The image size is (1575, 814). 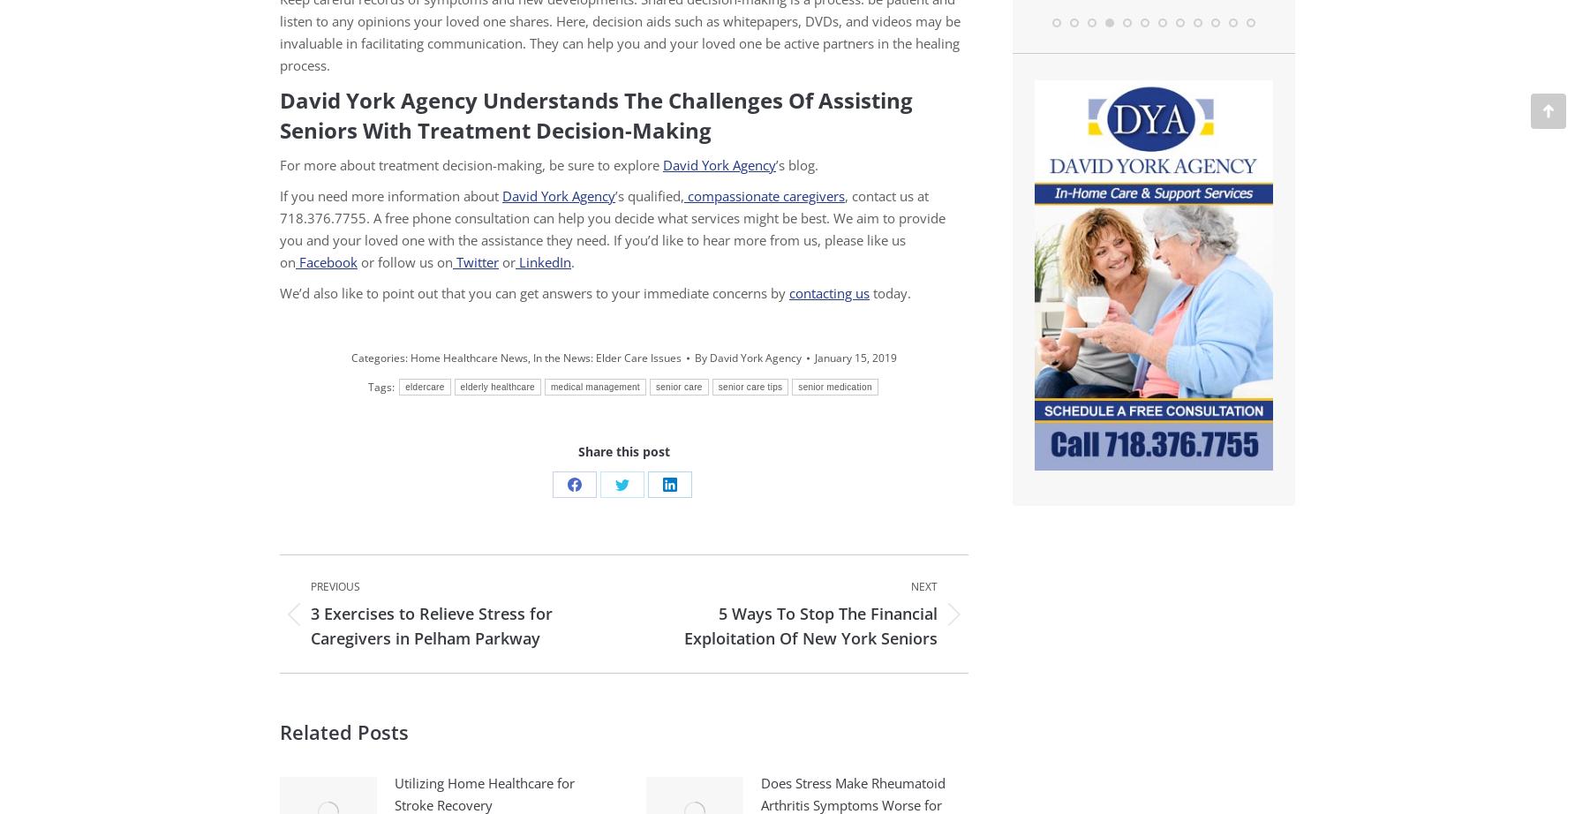 I want to click on 'Share this post', so click(x=623, y=451).